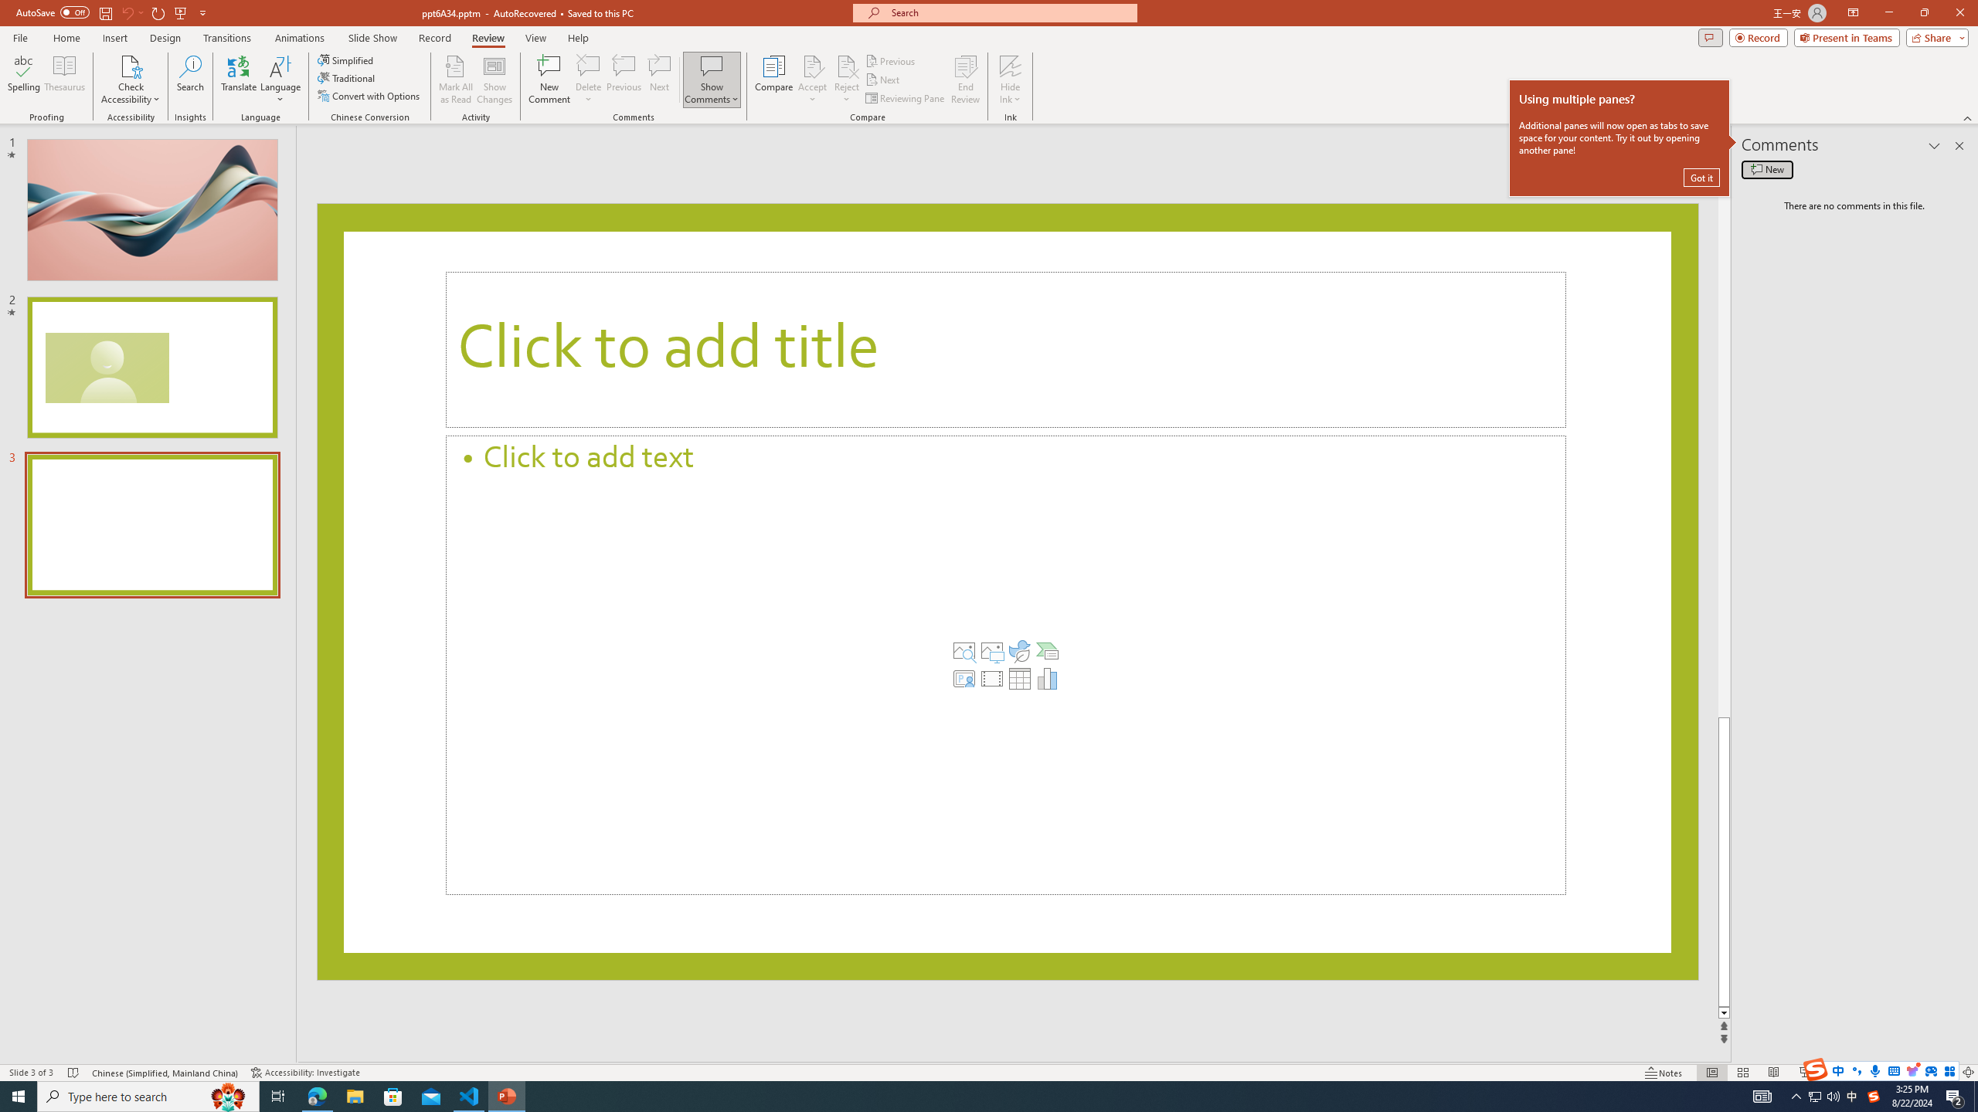 The image size is (1978, 1112). Describe the element at coordinates (905, 98) in the screenshot. I see `'Reviewing Pane'` at that location.